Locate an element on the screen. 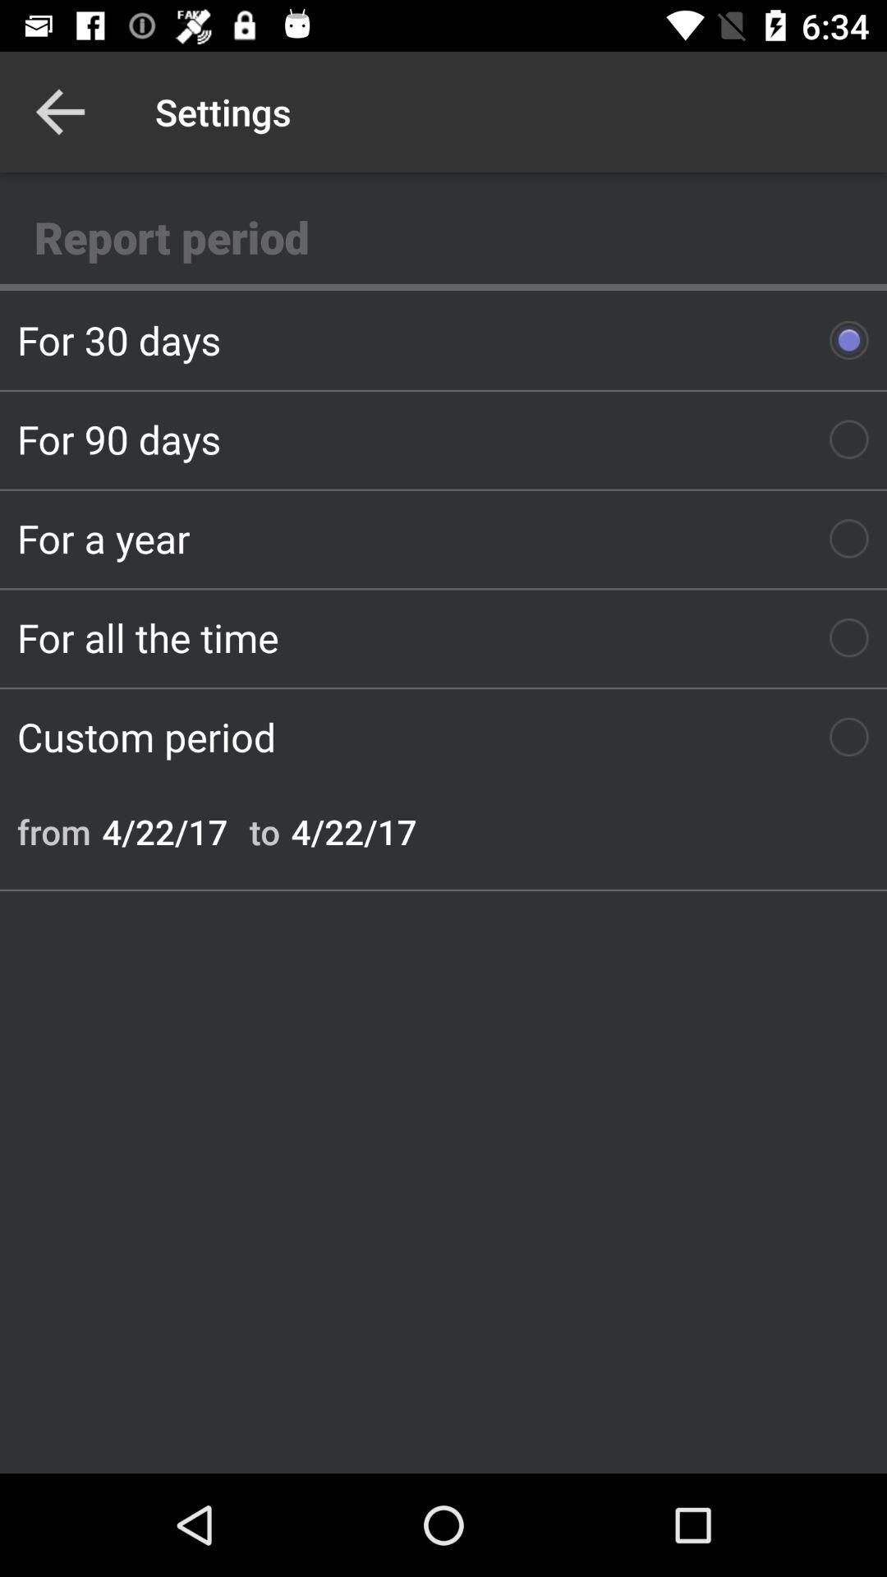  the icon next to settings app is located at coordinates (59, 111).